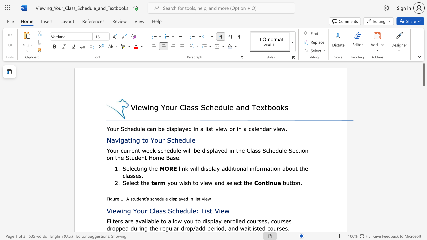  I want to click on the right-hand scrollbar to descend the page, so click(423, 173).